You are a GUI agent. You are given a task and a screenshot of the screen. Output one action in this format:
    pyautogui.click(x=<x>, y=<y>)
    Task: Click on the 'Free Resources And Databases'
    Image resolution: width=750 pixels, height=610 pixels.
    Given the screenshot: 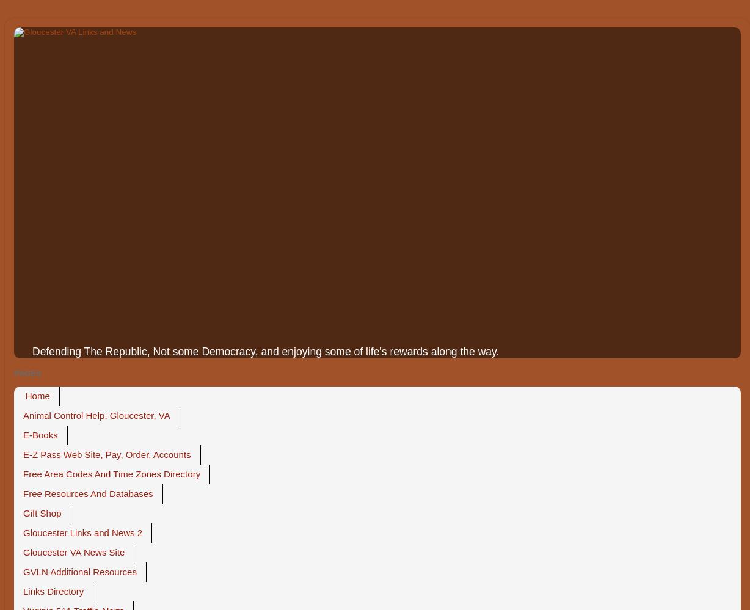 What is the action you would take?
    pyautogui.click(x=88, y=493)
    